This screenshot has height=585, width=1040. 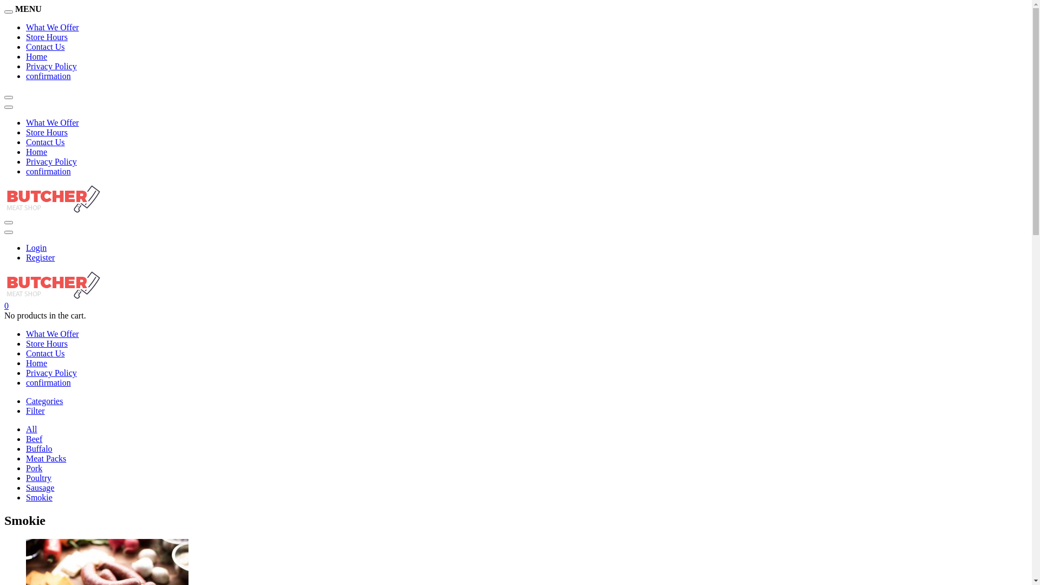 What do you see at coordinates (26, 122) in the screenshot?
I see `'What We Offer'` at bounding box center [26, 122].